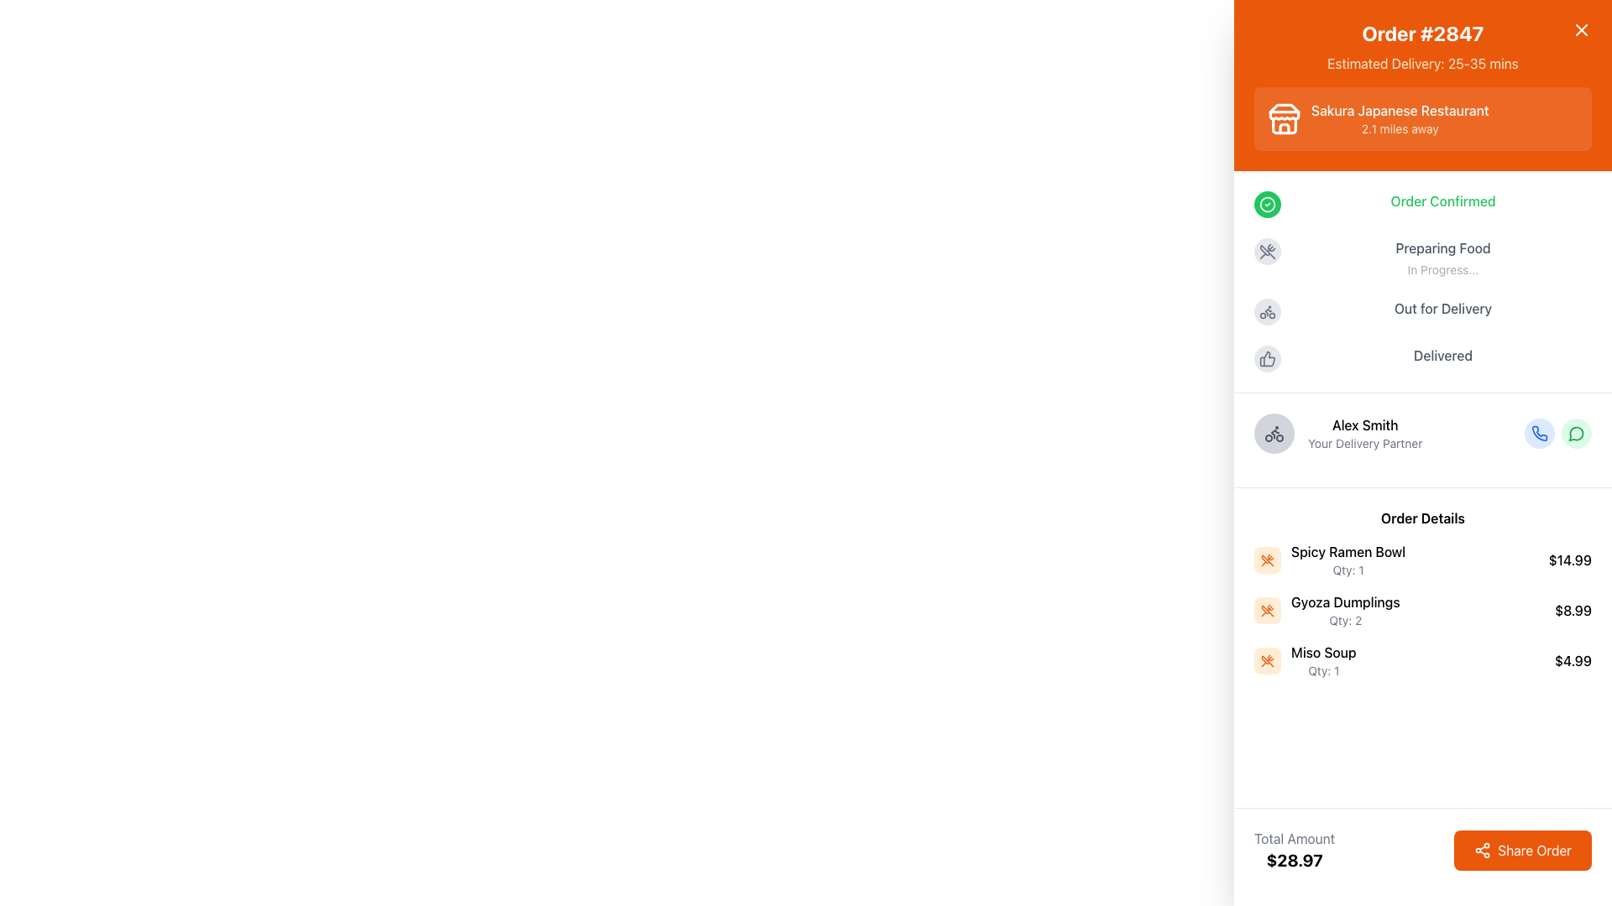  What do you see at coordinates (1268, 358) in the screenshot?
I see `the circular thumbs-up icon button with a light gray background, located to the left of the 'Delivered' text component in the delivery progress list` at bounding box center [1268, 358].